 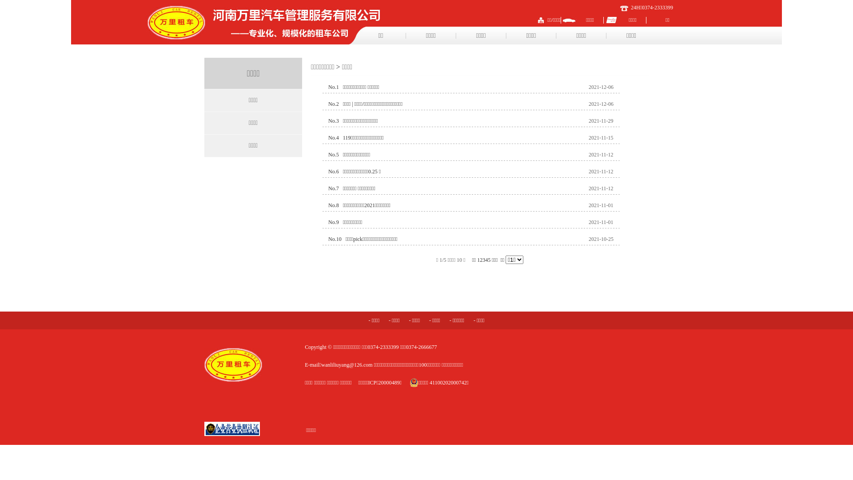 I want to click on '5', so click(x=487, y=260).